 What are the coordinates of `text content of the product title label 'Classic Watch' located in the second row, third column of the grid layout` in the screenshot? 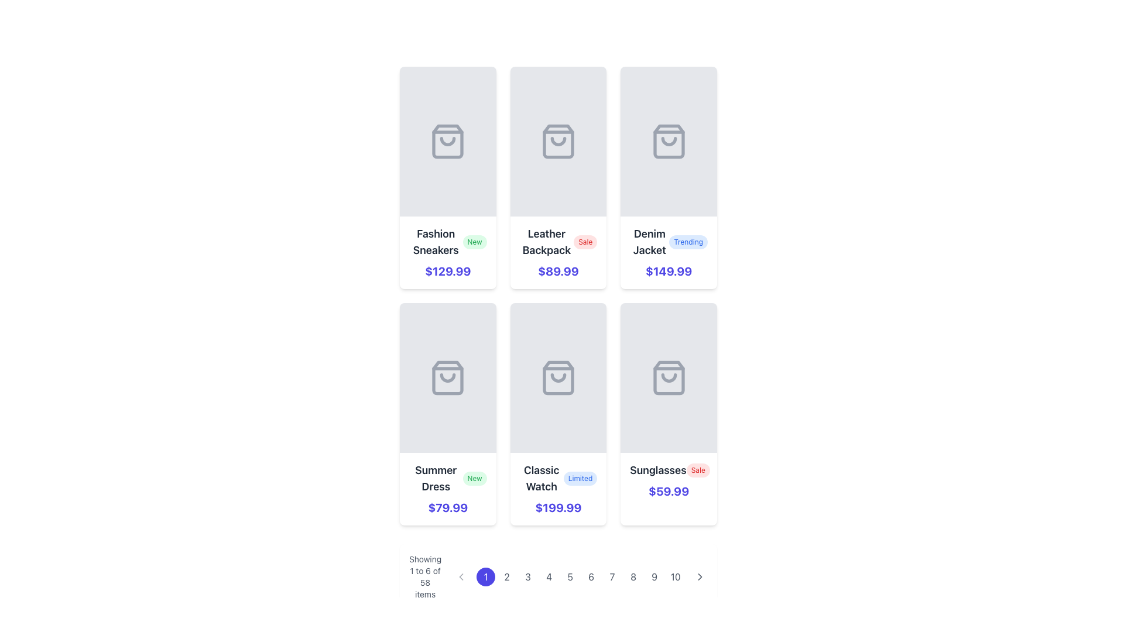 It's located at (541, 478).